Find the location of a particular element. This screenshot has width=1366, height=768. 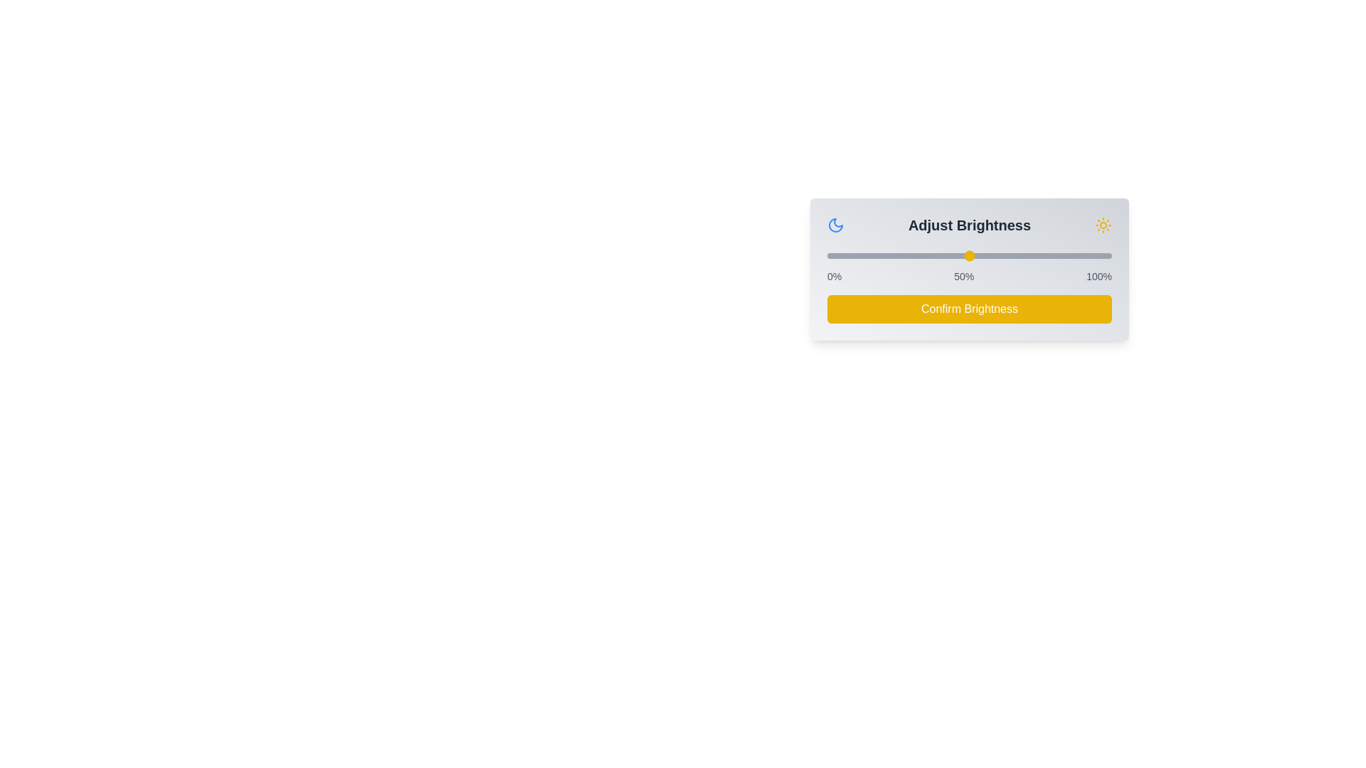

the moon icon to toggle night mode is located at coordinates (836, 224).